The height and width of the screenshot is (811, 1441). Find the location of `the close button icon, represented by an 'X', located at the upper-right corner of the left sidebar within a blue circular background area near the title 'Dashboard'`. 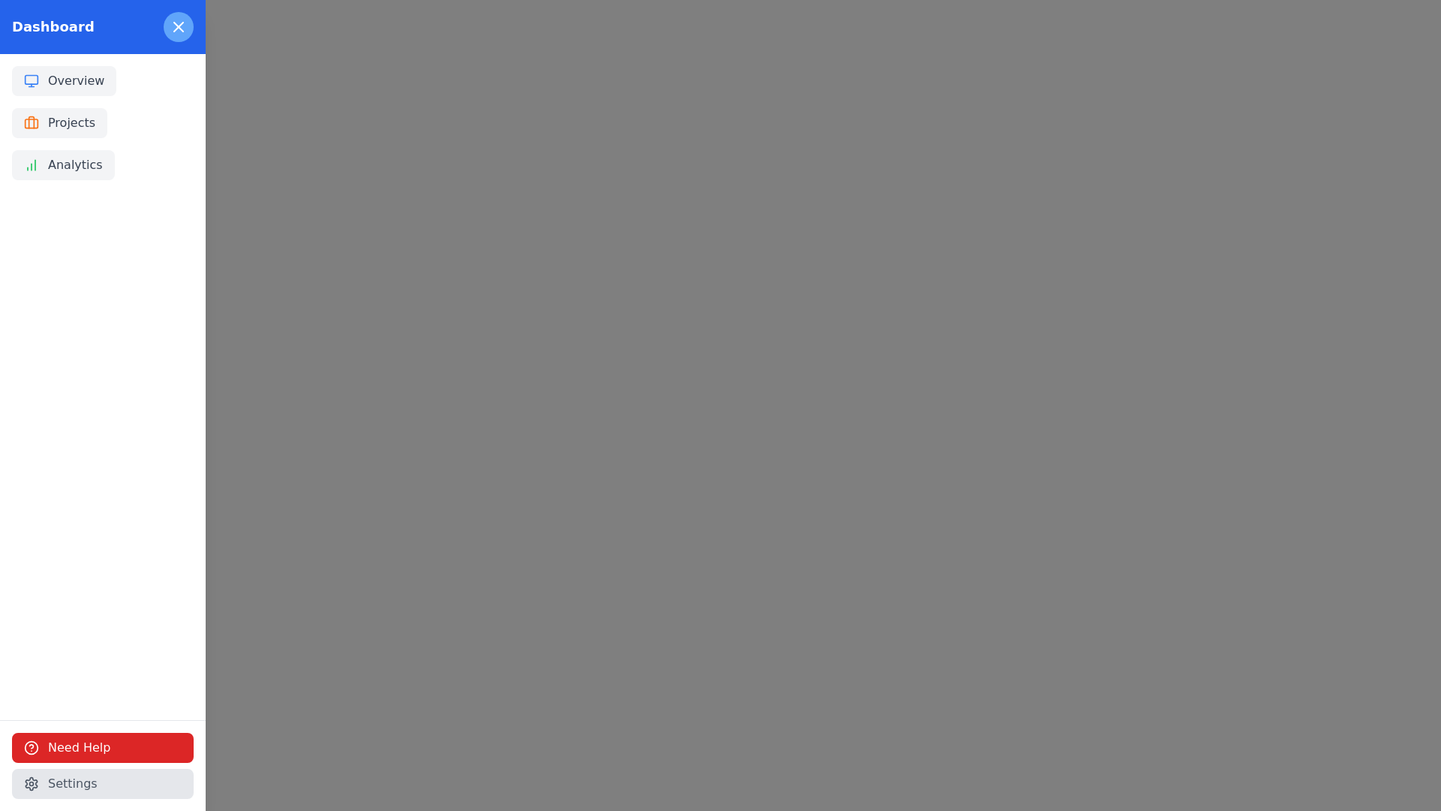

the close button icon, represented by an 'X', located at the upper-right corner of the left sidebar within a blue circular background area near the title 'Dashboard' is located at coordinates (179, 26).